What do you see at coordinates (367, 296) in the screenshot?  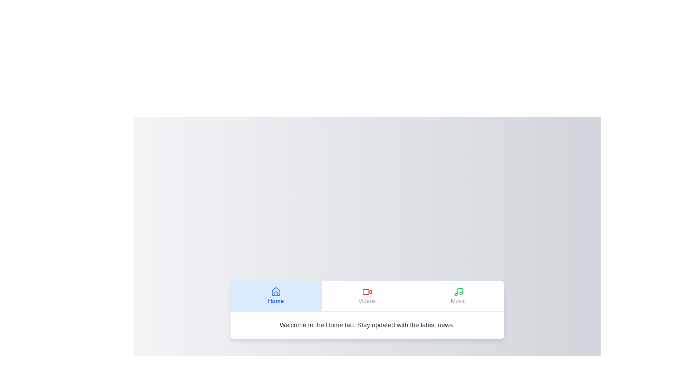 I see `the Videos tab by clicking its button` at bounding box center [367, 296].